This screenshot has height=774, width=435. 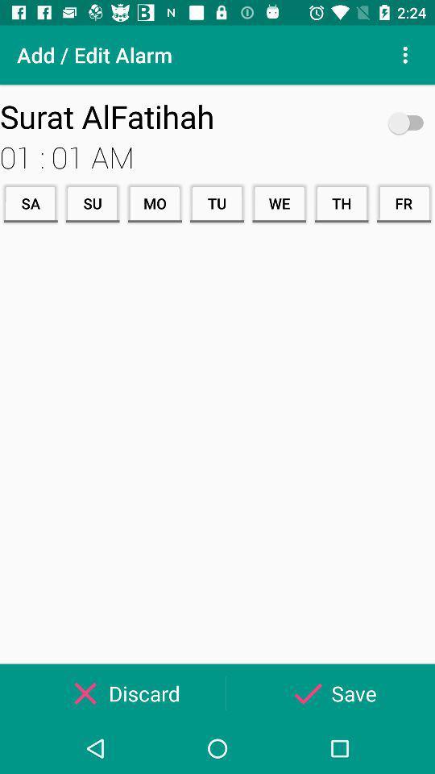 I want to click on the surat alfatihah icon, so click(x=192, y=115).